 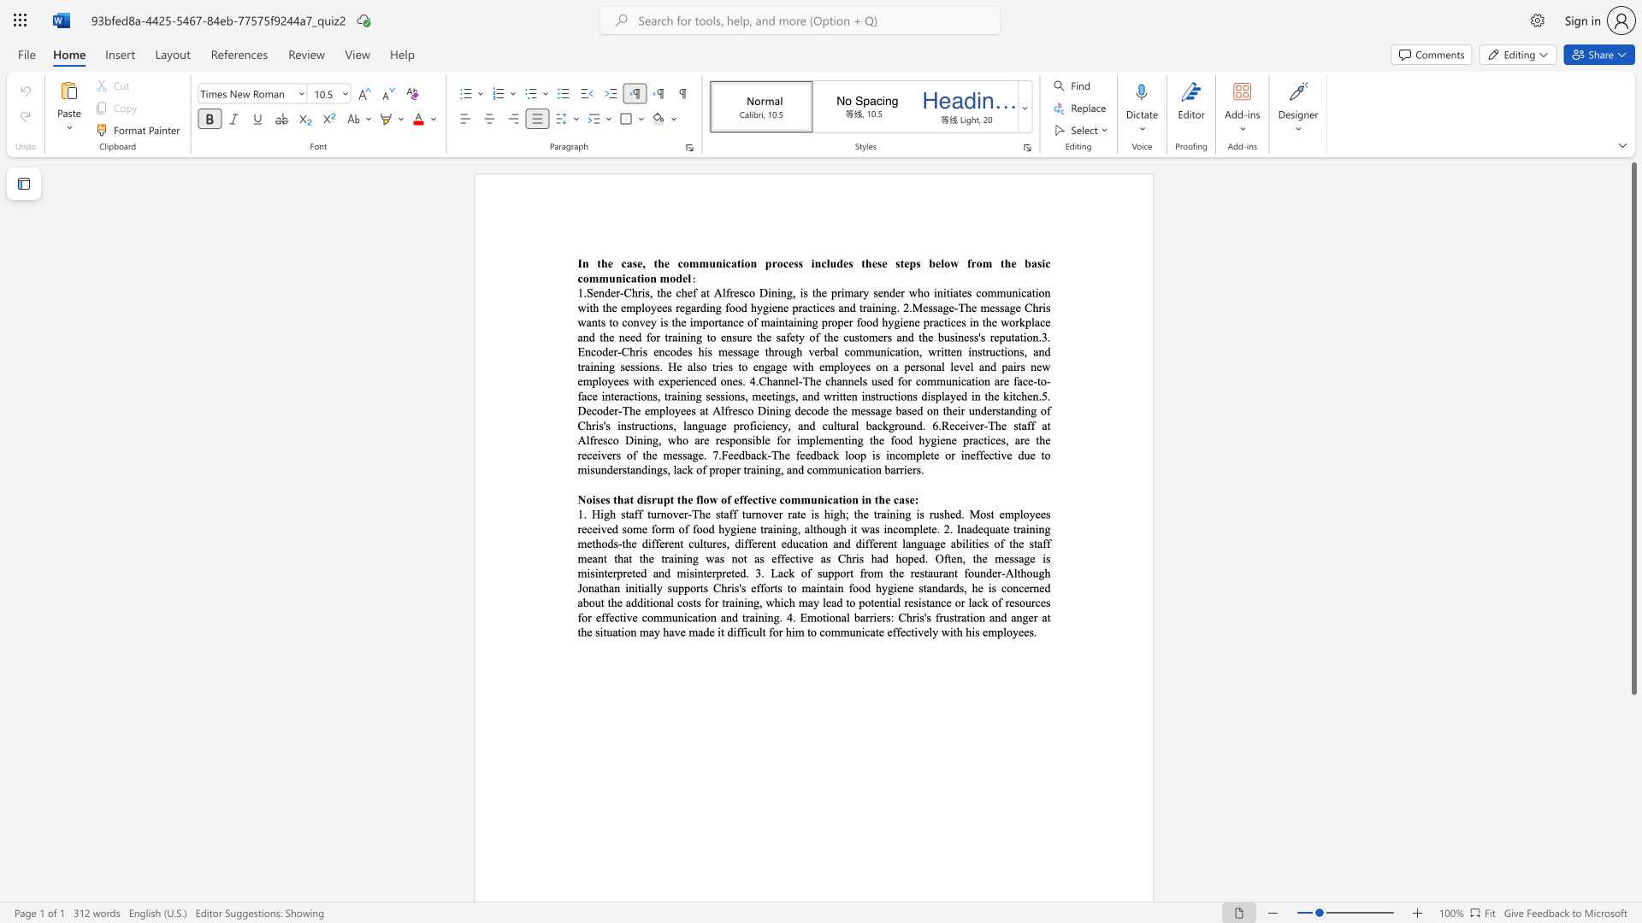 I want to click on the 4th character "t" in the text, so click(x=611, y=322).